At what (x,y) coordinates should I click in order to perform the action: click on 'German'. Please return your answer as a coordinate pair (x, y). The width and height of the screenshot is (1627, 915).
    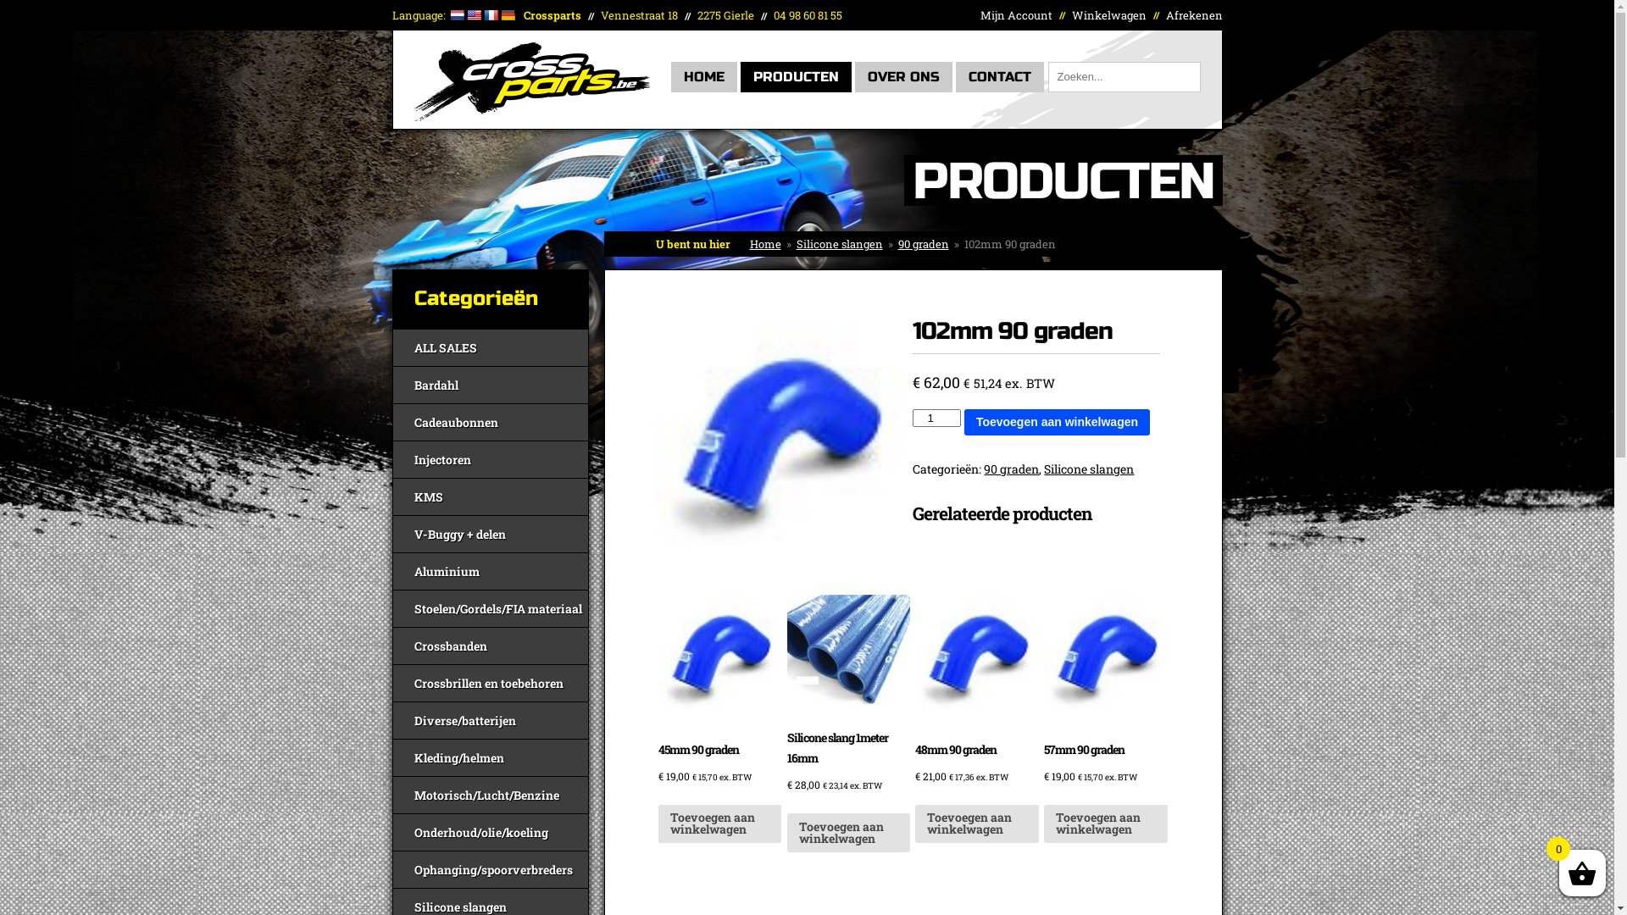
    Looking at the image, I should click on (499, 15).